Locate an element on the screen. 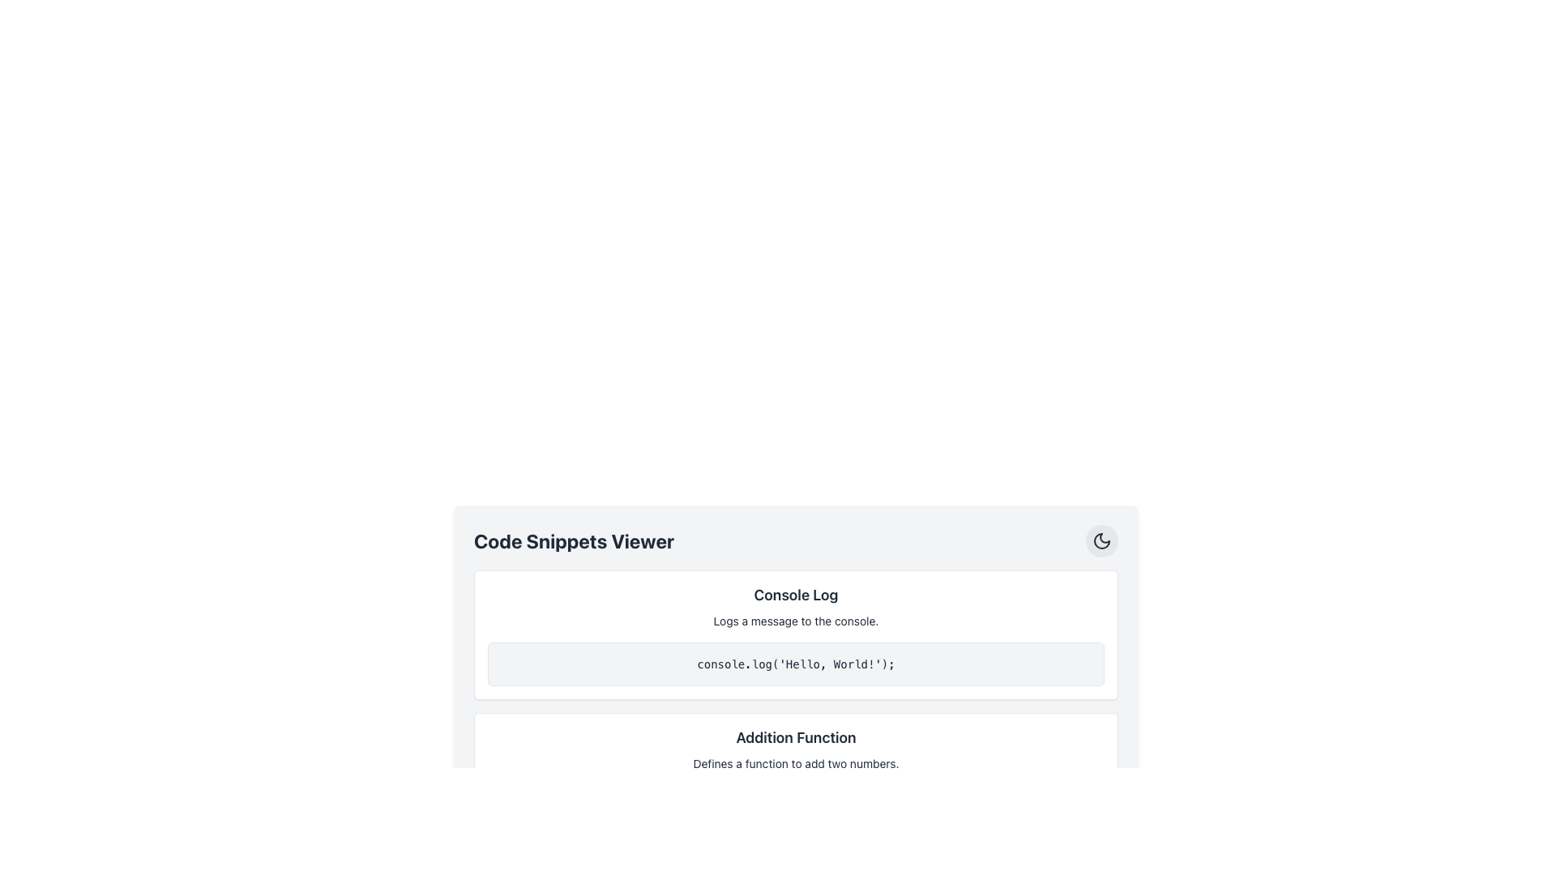  the circular button with a crescent moon icon, located on the far right side of the header area is located at coordinates (1101, 540).